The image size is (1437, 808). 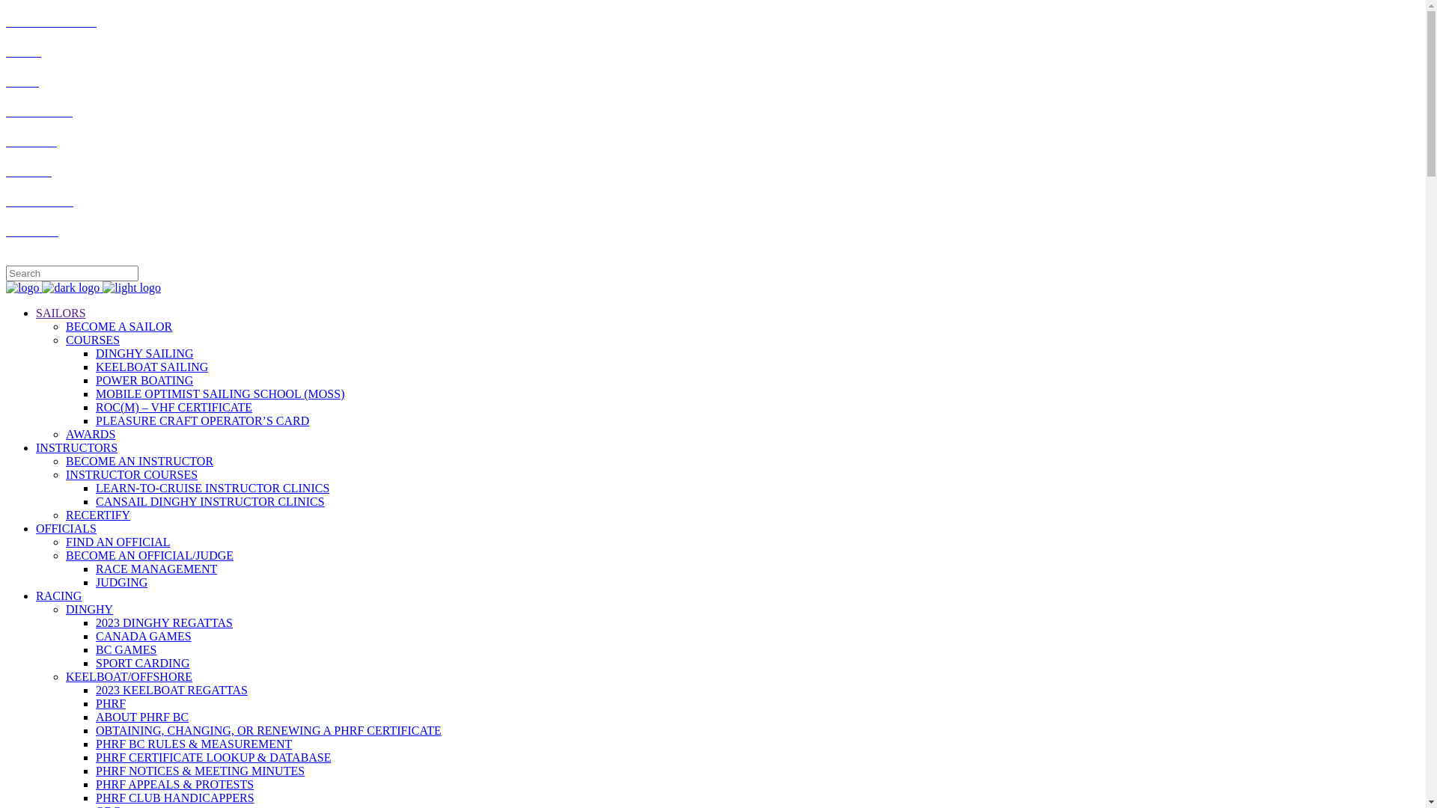 What do you see at coordinates (144, 379) in the screenshot?
I see `'POWER BOATING'` at bounding box center [144, 379].